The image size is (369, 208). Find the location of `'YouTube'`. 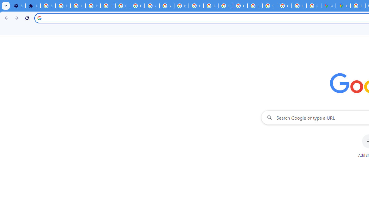

'YouTube' is located at coordinates (166, 6).